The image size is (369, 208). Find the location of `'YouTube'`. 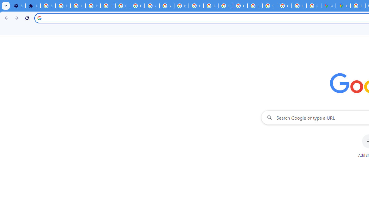

'YouTube' is located at coordinates (166, 6).